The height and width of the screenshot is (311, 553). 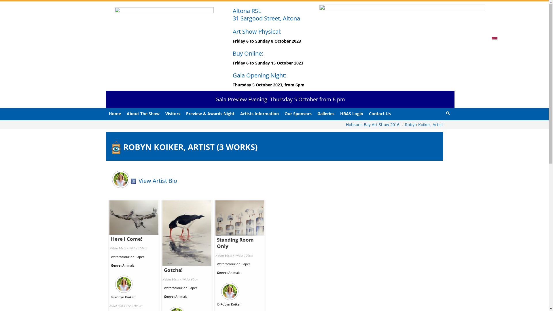 What do you see at coordinates (351, 113) in the screenshot?
I see `'HBAS Login'` at bounding box center [351, 113].